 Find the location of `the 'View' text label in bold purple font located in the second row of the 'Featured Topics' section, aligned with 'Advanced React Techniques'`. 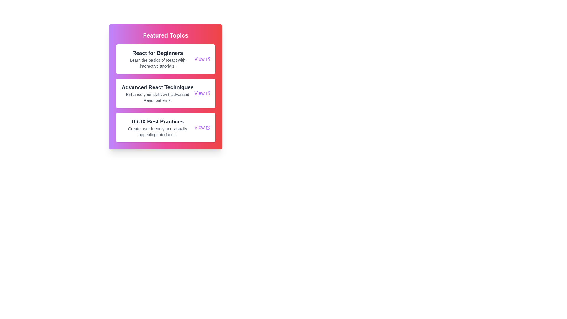

the 'View' text label in bold purple font located in the second row of the 'Featured Topics' section, aligned with 'Advanced React Techniques' is located at coordinates (199, 93).